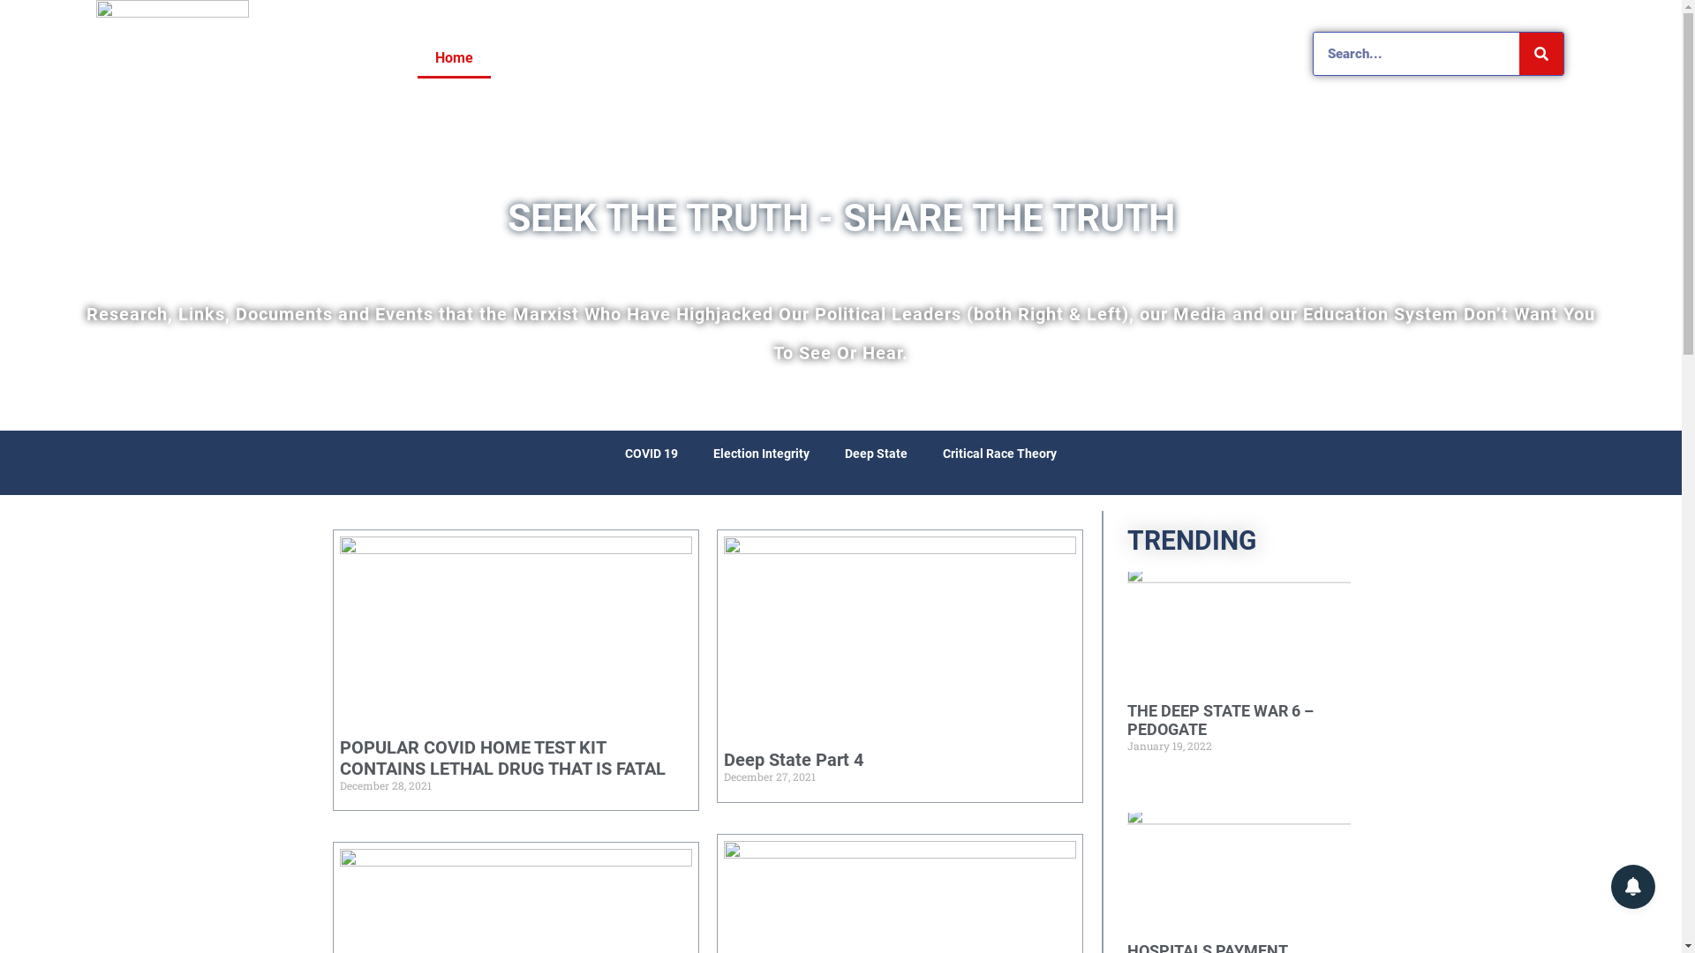  What do you see at coordinates (761, 452) in the screenshot?
I see `'Election Integrity'` at bounding box center [761, 452].